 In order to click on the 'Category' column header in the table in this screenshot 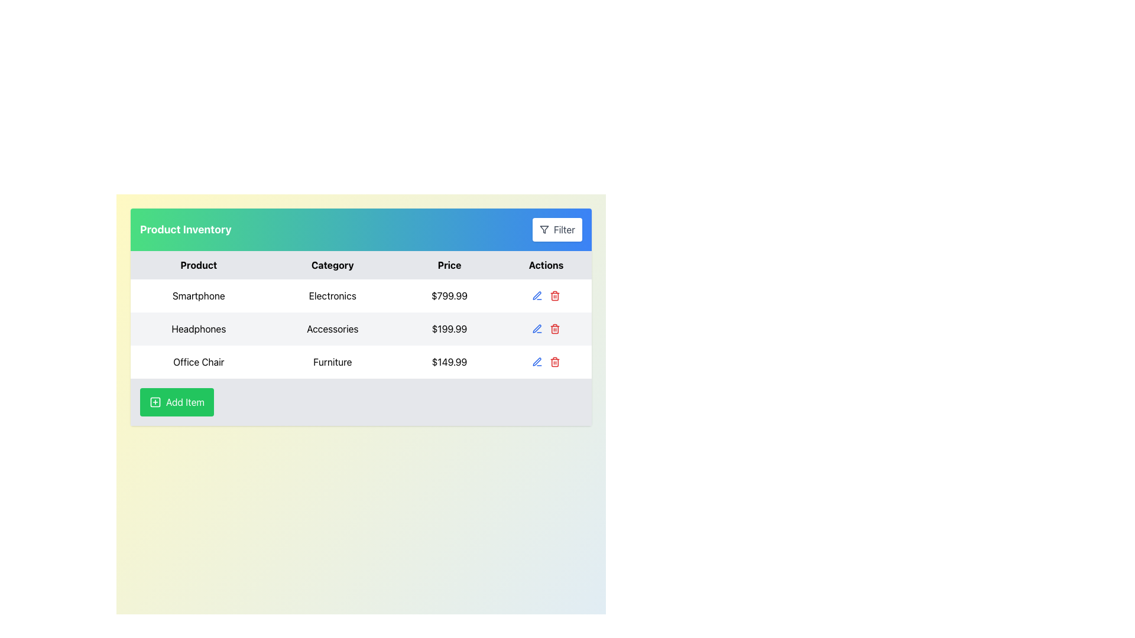, I will do `click(332, 264)`.